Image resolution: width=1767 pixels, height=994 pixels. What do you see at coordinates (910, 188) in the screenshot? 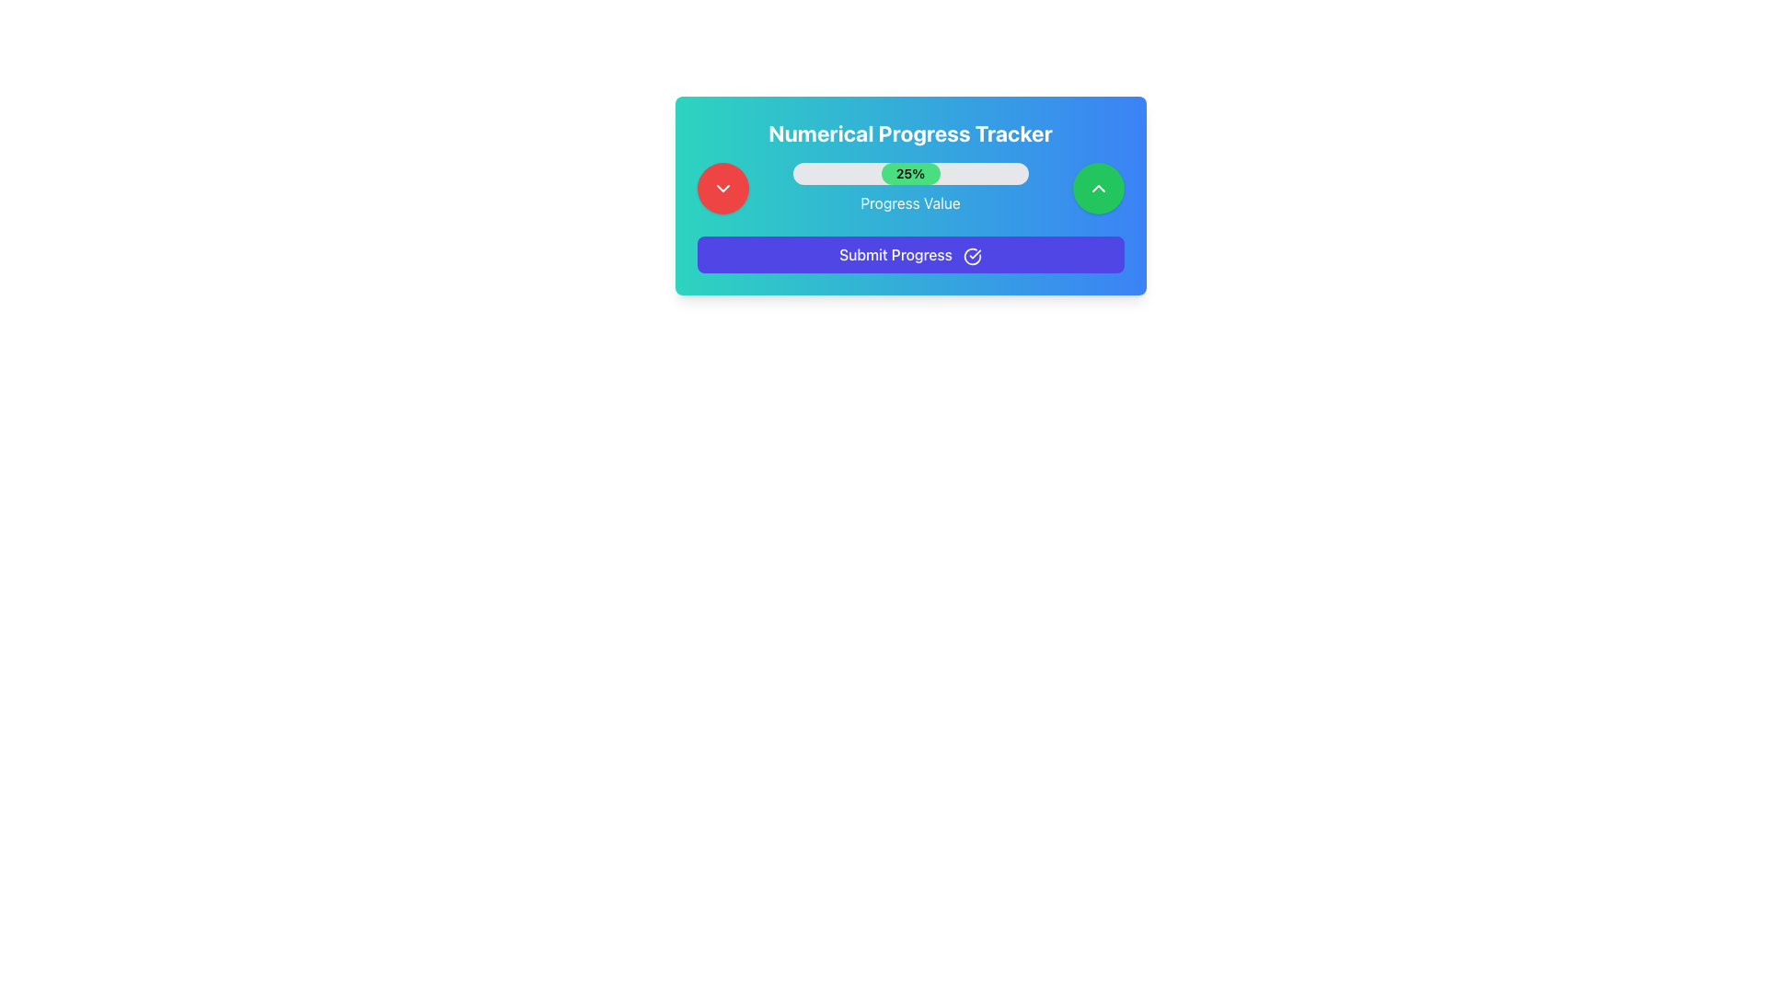
I see `the progress bar located below the 'Numerical Progress Tracker' heading and above the 'Submit Progress' button to adjust its position` at bounding box center [910, 188].